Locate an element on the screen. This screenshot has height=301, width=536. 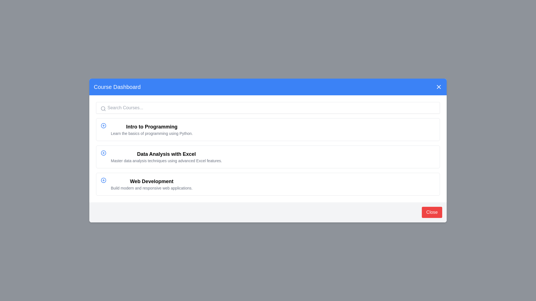
the text component that provides information about the 'Data Analysis with Excel' course located in the centered modal titled 'Course Dashboard'. It is the second item in the list, positioned between 'Intro to Programming' and 'Web Development' is located at coordinates (166, 157).